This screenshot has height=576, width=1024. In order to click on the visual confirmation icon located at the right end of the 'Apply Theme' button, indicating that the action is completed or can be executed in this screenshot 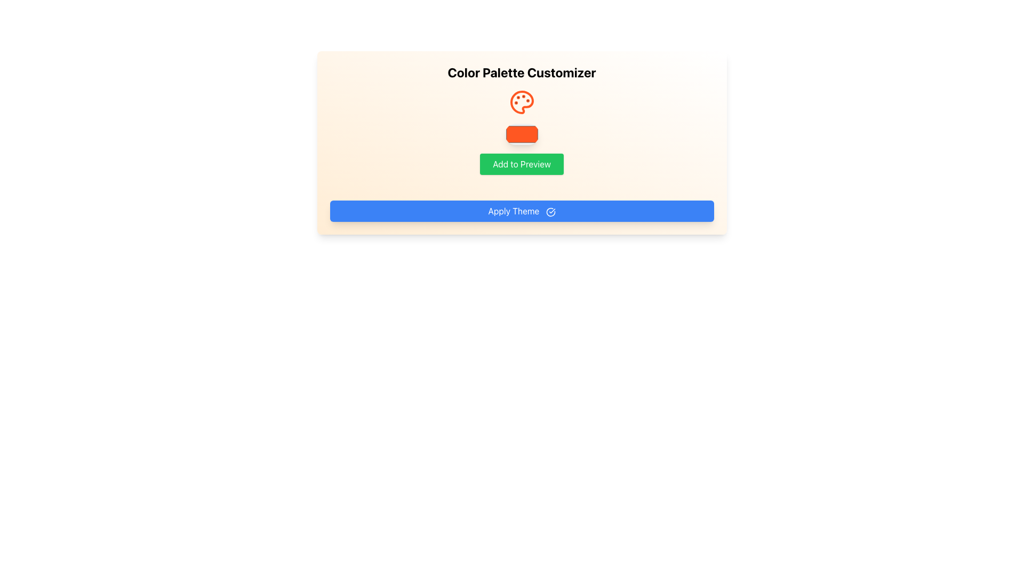, I will do `click(550, 212)`.